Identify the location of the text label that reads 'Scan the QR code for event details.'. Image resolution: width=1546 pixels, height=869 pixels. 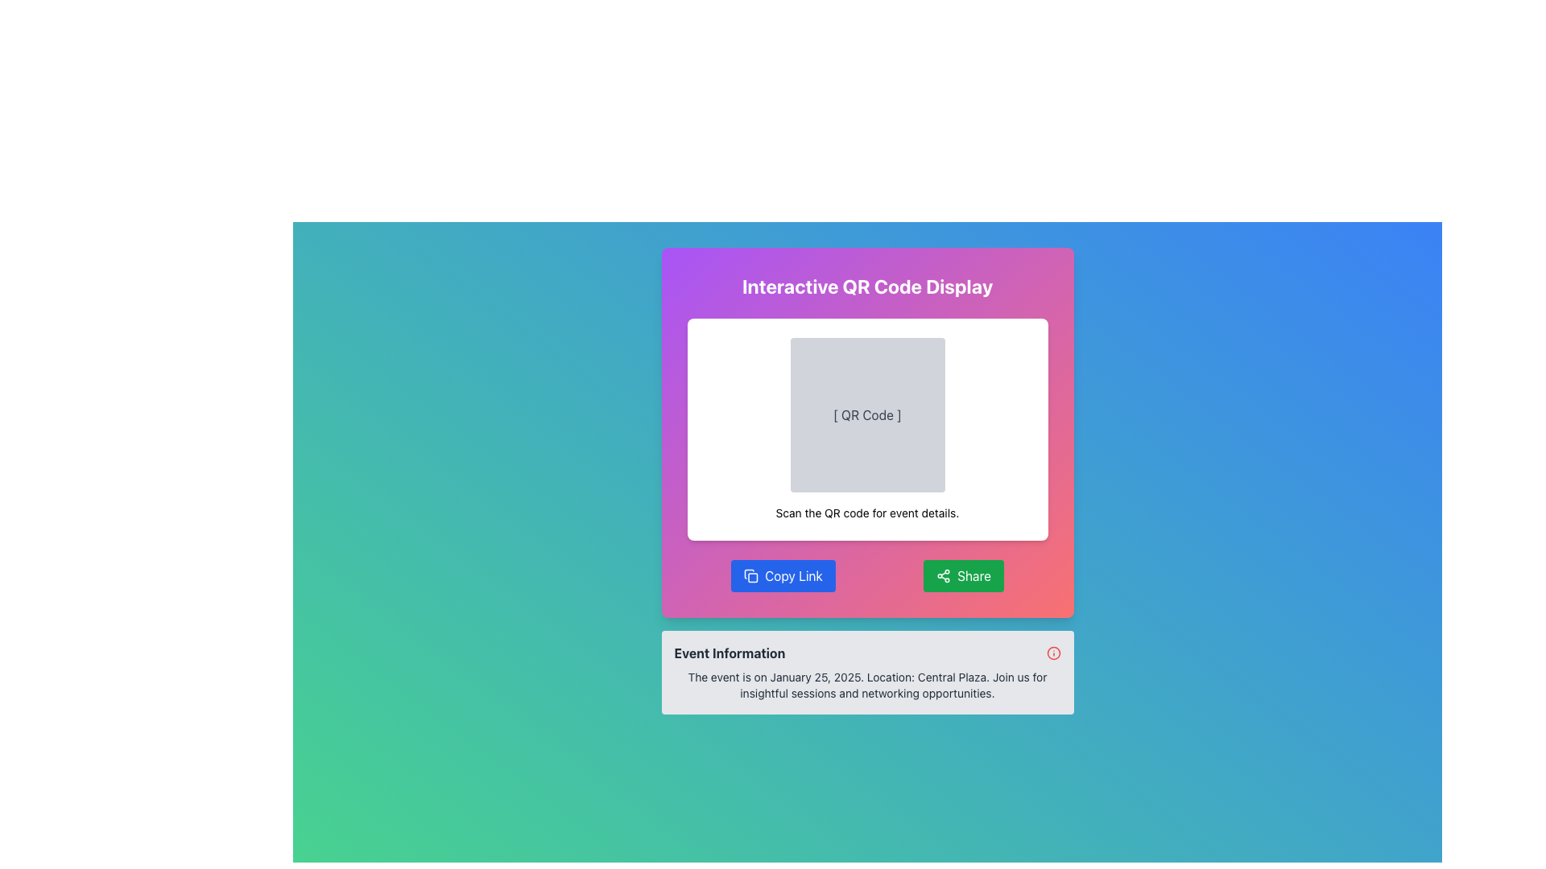
(866, 513).